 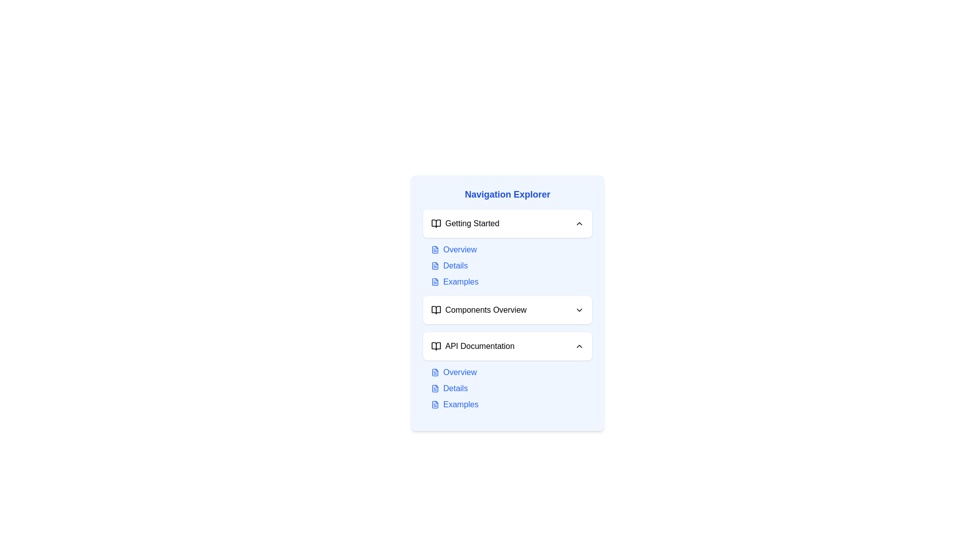 I want to click on the entries of the navigation list under the 'API Documentation' section, so click(x=511, y=388).